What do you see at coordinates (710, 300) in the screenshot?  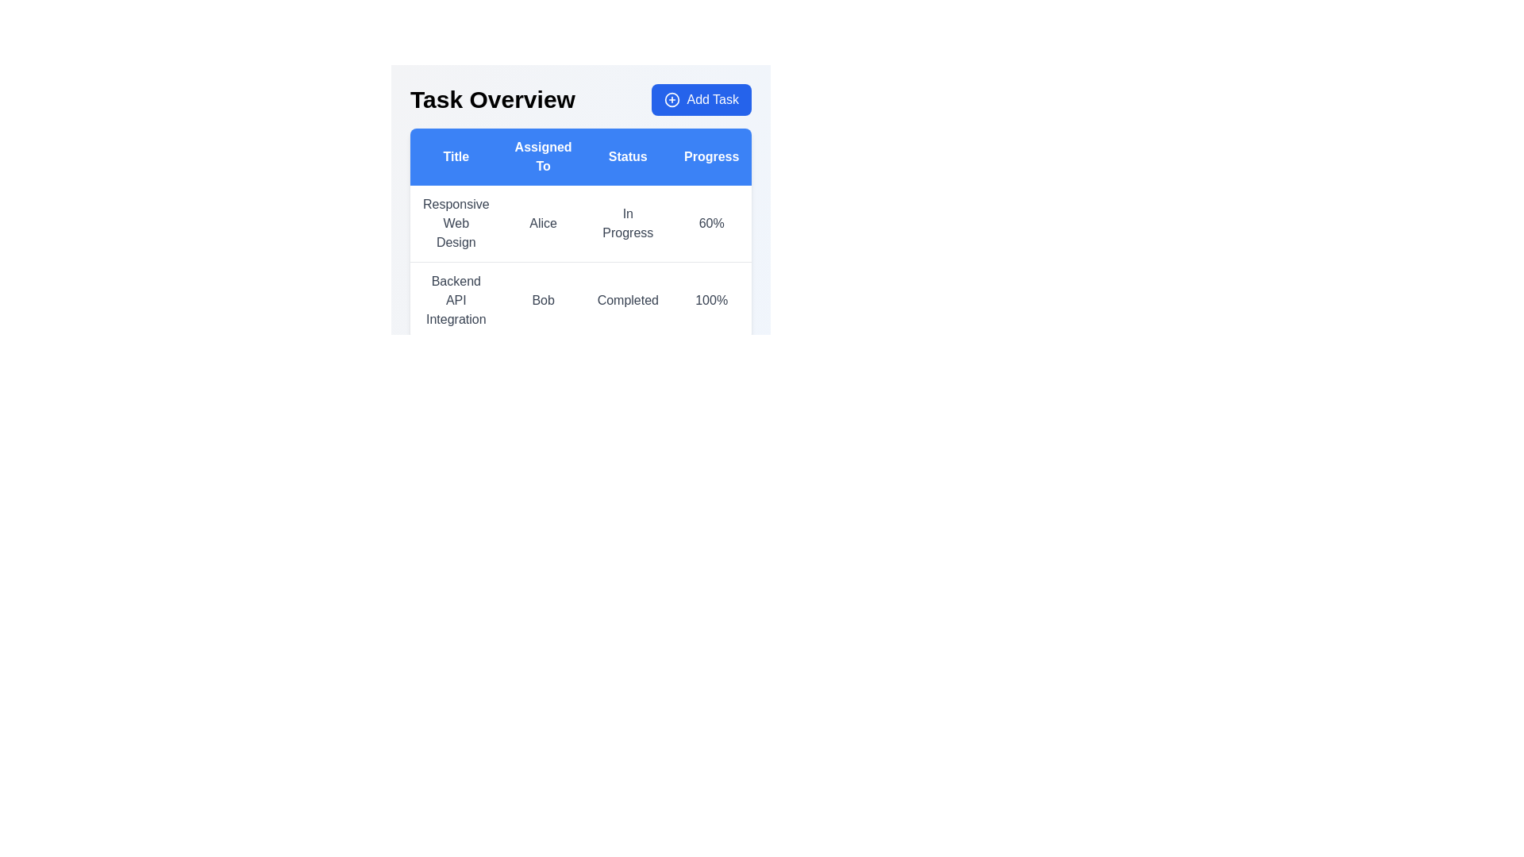 I see `the text display showing '100%' located in the 'Progress' column of the row labeled 'Backend API Integration Bob Completed'` at bounding box center [710, 300].